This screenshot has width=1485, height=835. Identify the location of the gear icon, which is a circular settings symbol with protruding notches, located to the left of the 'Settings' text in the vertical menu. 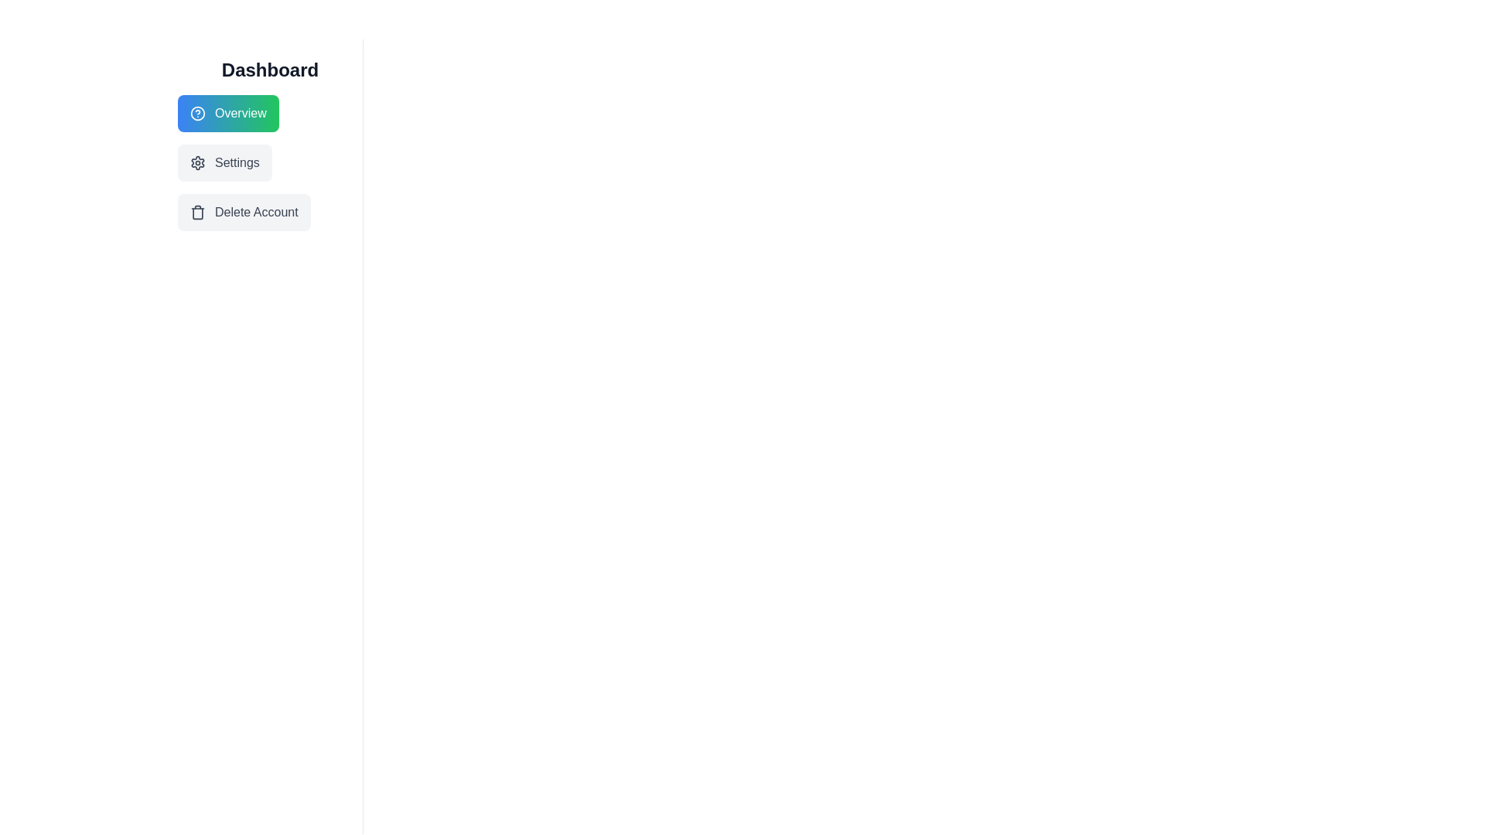
(196, 163).